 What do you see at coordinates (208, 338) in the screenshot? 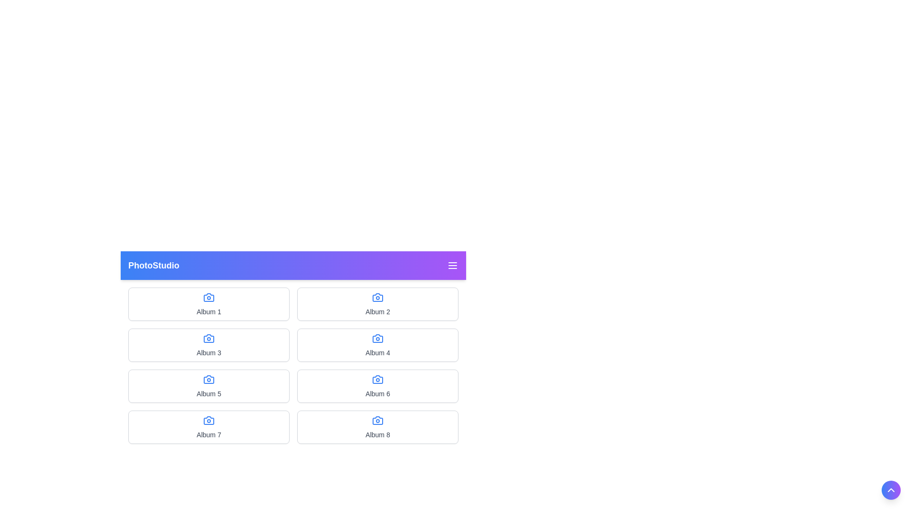
I see `the camera icon which signifies a photo album, located in the third position of the album items grid, above the label 'Album 3'` at bounding box center [208, 338].